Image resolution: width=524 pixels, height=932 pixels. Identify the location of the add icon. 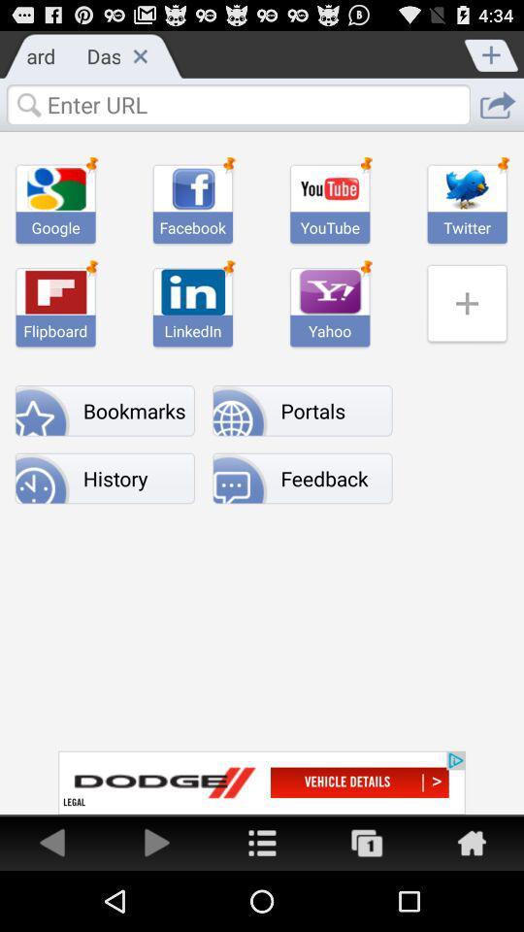
(492, 56).